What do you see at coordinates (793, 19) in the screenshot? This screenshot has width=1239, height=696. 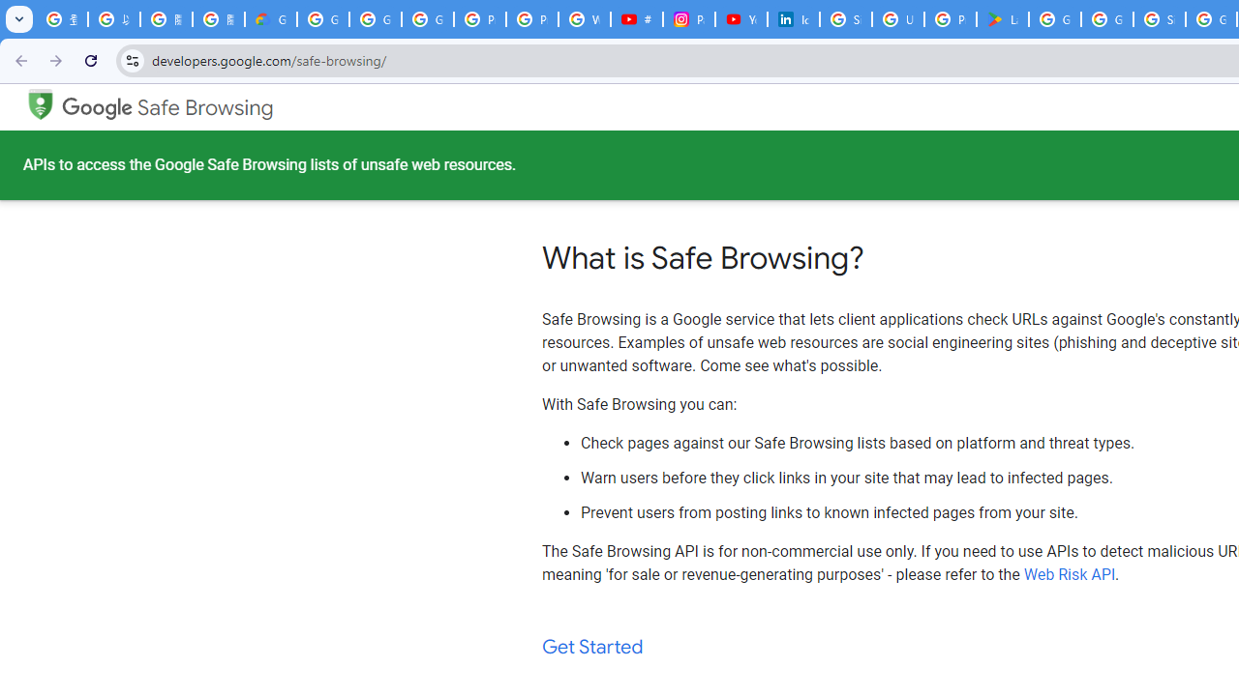 I see `'Identity verification via Persona | LinkedIn Help'` at bounding box center [793, 19].